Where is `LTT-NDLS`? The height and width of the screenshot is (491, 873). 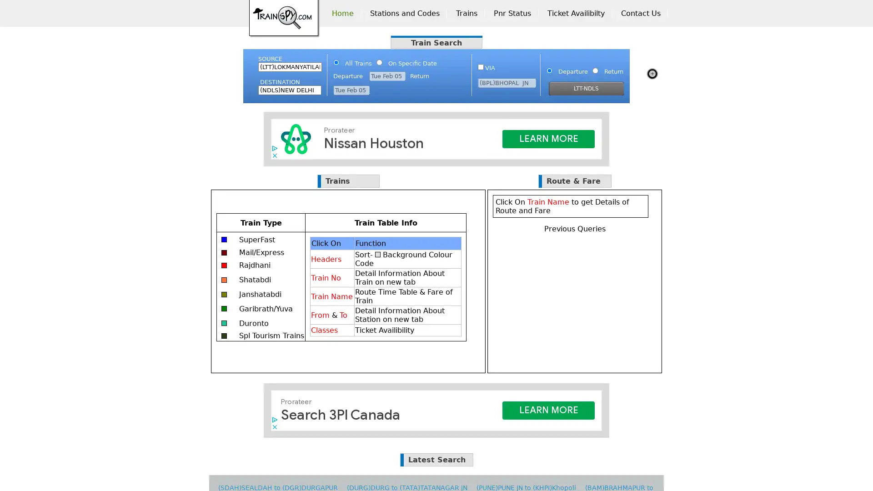 LTT-NDLS is located at coordinates (586, 89).